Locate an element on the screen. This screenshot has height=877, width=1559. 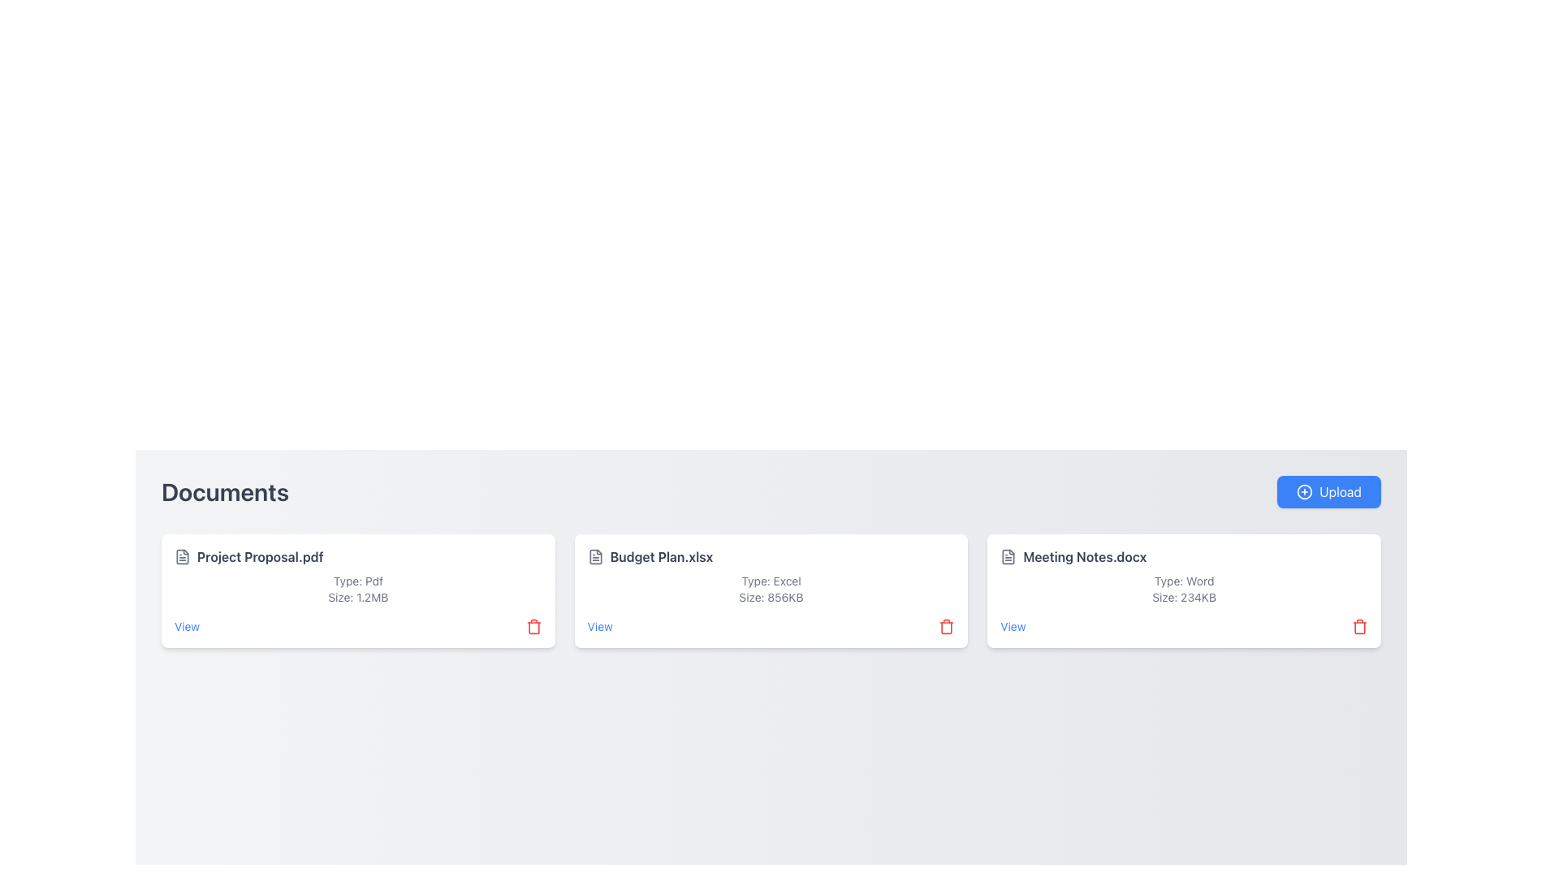
the text label stating 'Type: Pdf' which is located under the title 'Project Proposal.pdf' and above the file size information within the document card is located at coordinates (357, 581).